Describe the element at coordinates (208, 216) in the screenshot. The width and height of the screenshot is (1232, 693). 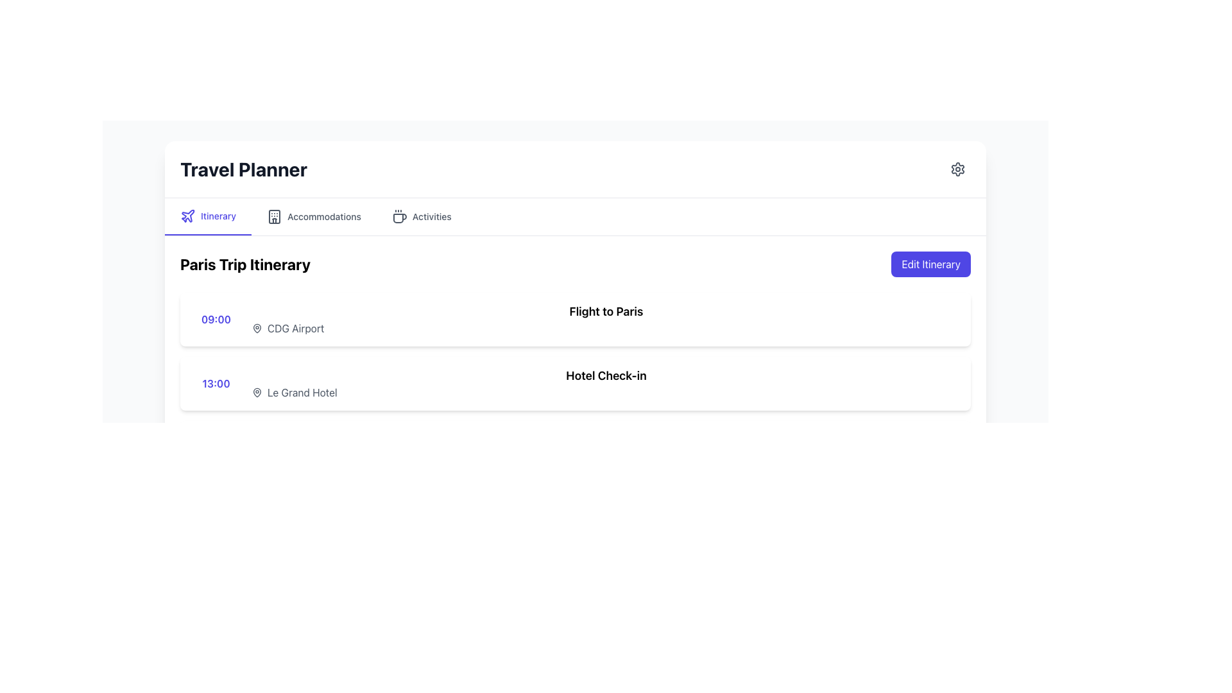
I see `the 'Itinerary' navigation menu item, which is the first option in the horizontal menu and features purple text with an underline and a plane icon` at that location.